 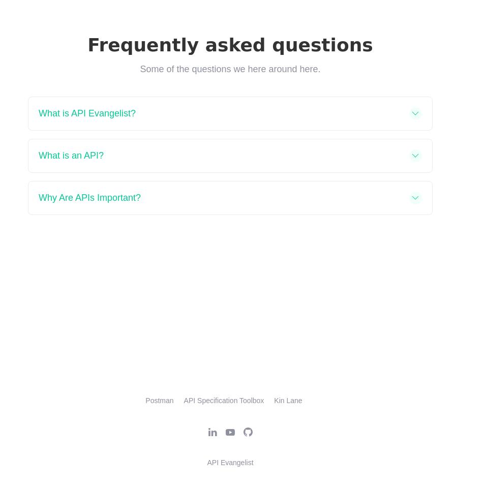 I want to click on 'Didn't find an answer?', so click(x=230, y=266).